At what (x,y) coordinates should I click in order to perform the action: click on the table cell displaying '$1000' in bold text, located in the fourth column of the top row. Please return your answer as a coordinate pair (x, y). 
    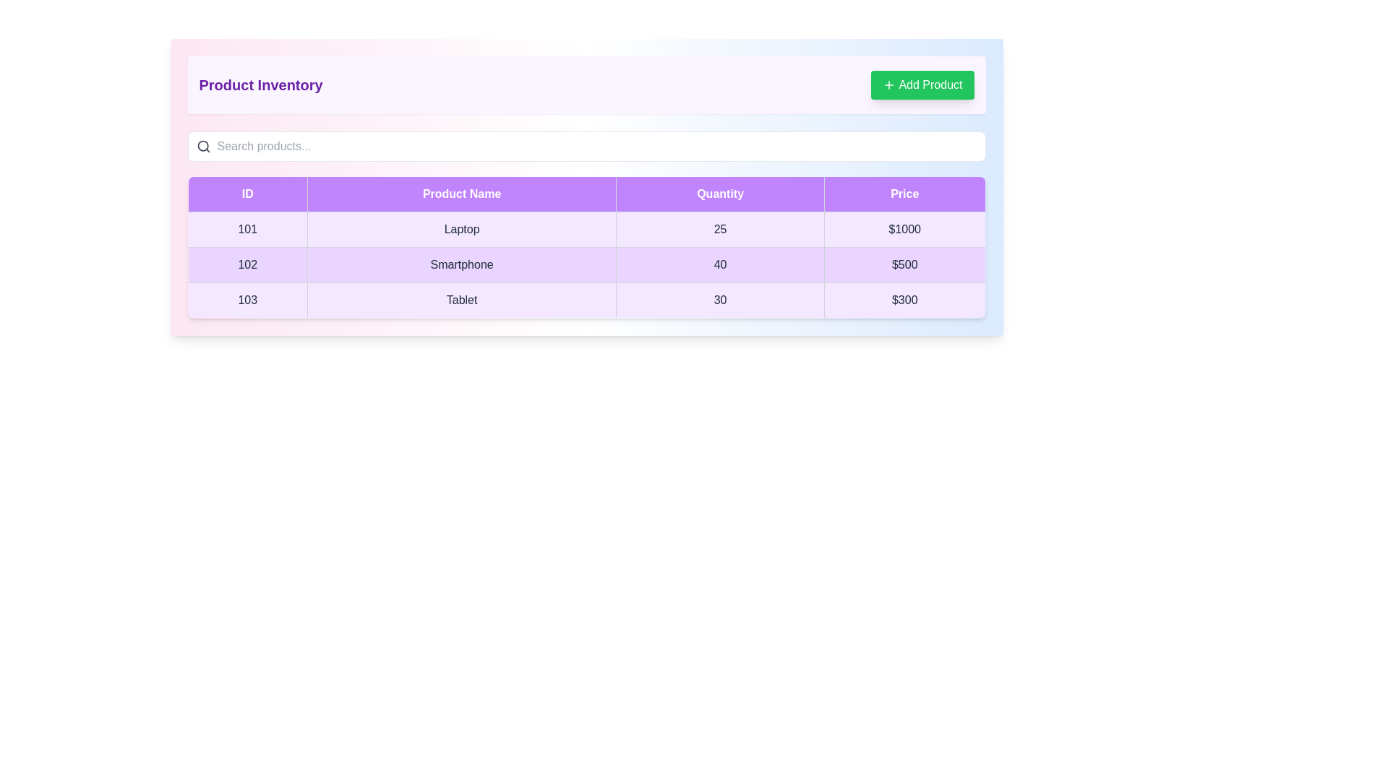
    Looking at the image, I should click on (904, 228).